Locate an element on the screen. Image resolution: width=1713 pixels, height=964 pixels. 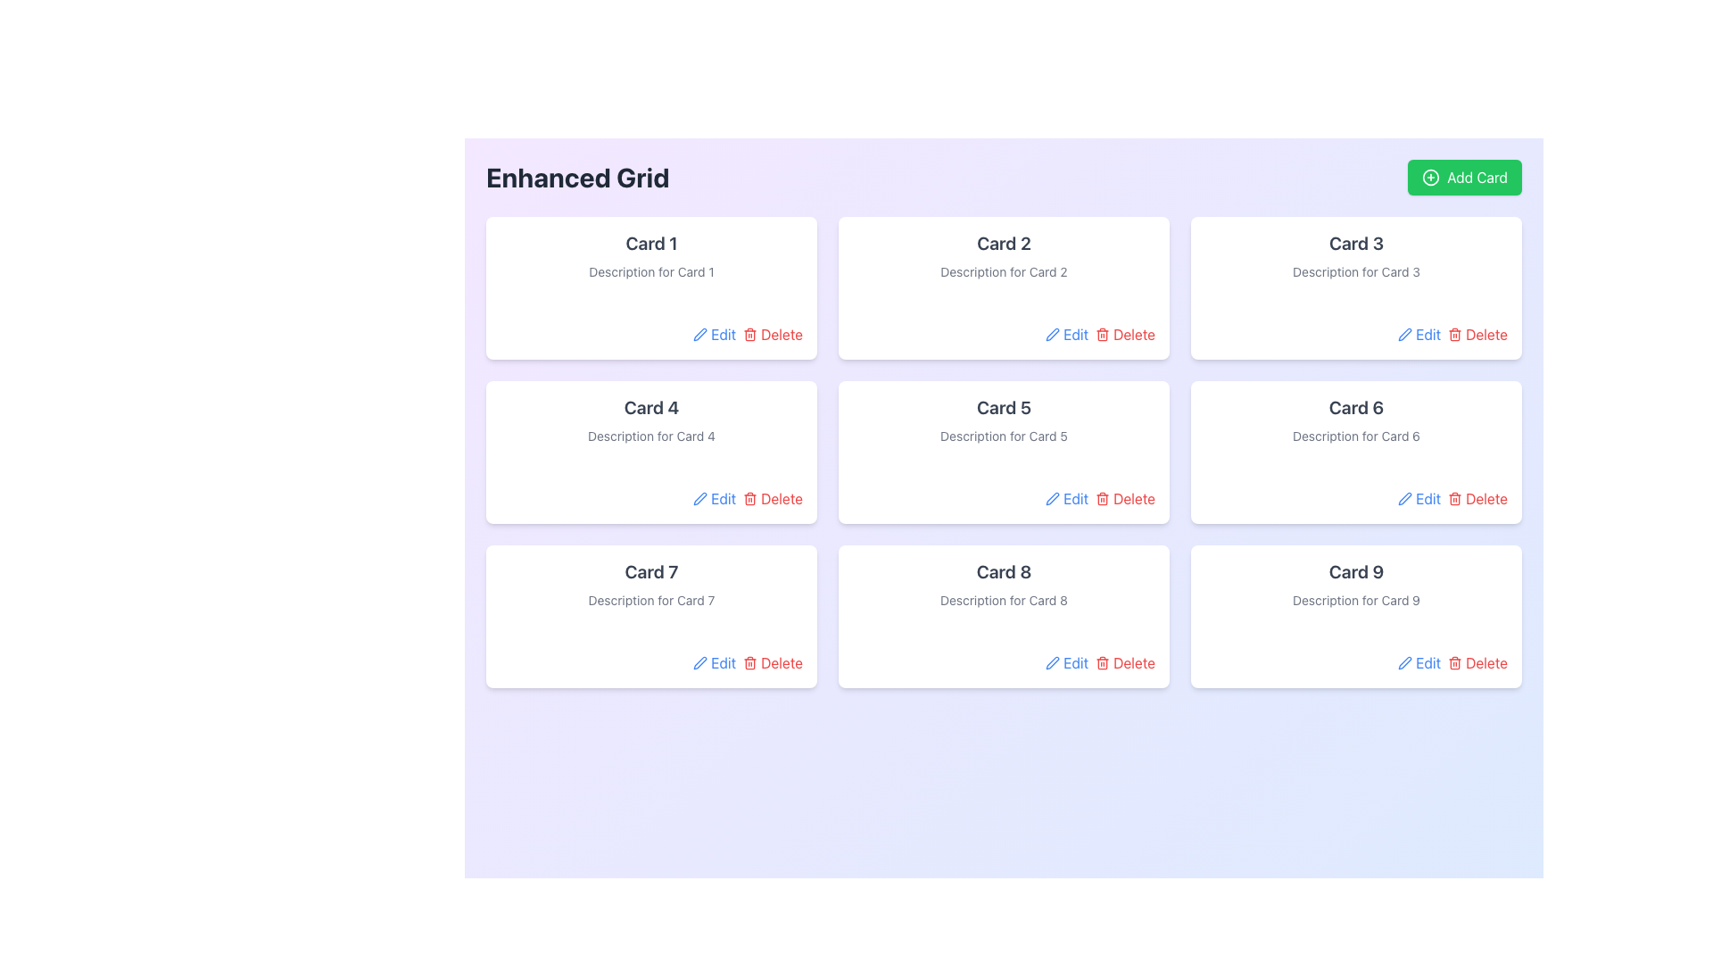
the small outlined pen icon located to the left of the 'Edit' text in the action menu of Card 8 is located at coordinates (1053, 663).